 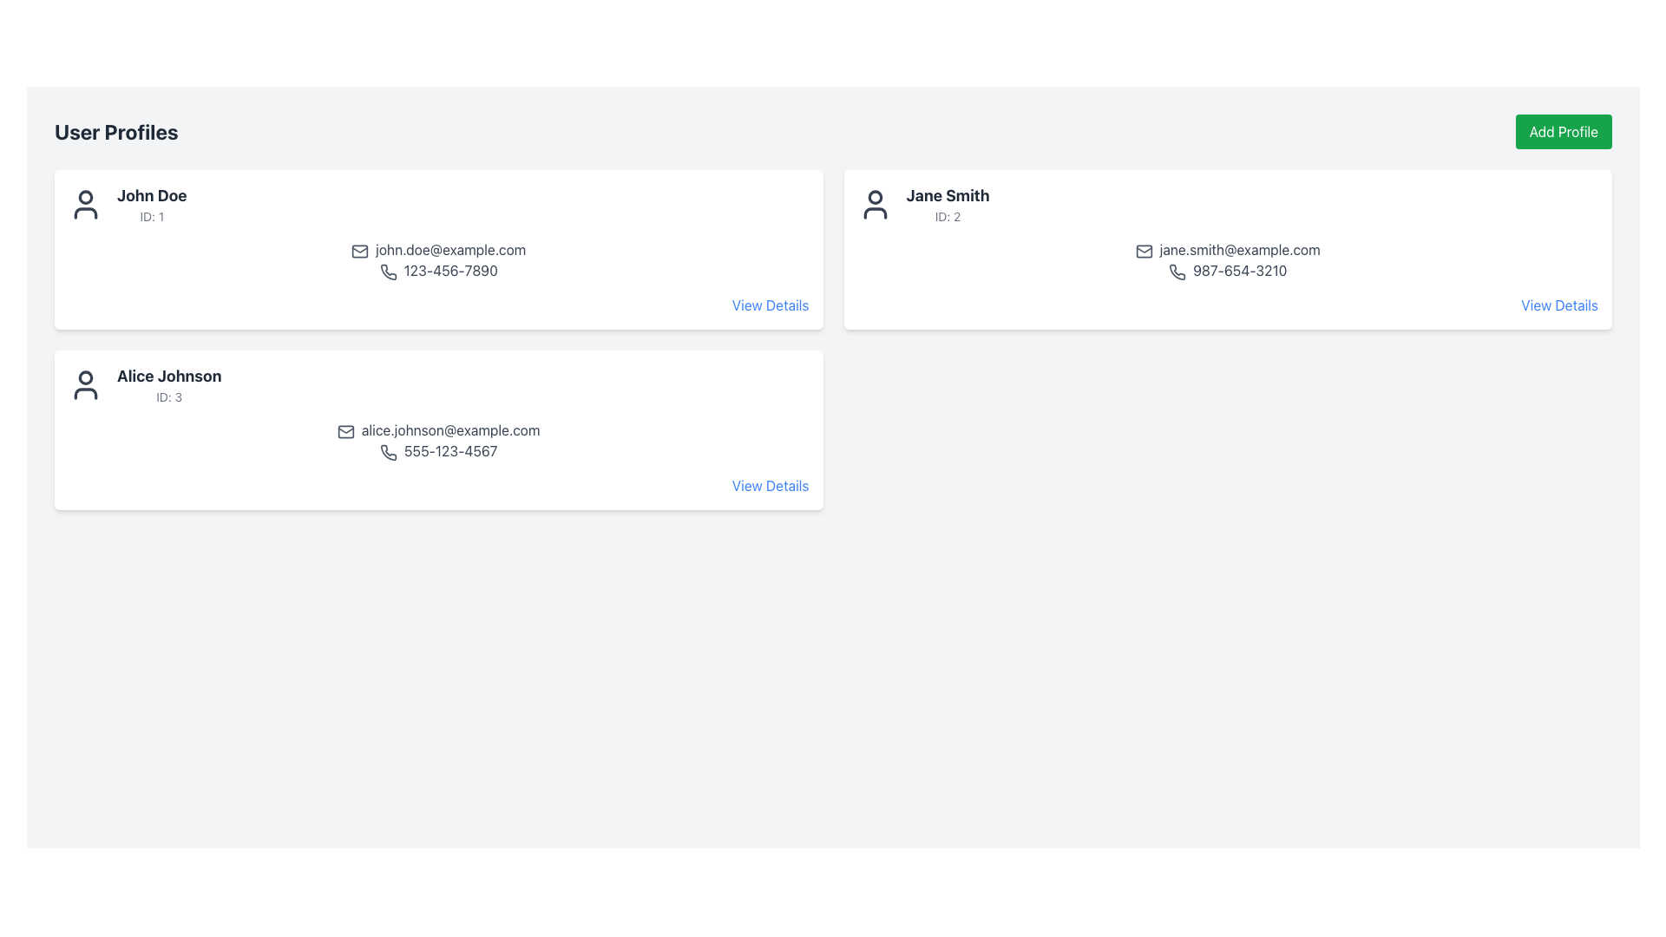 What do you see at coordinates (1227, 260) in the screenshot?
I see `contact details displayed in the second profile card on the right panel, located below the user's name and ID information but above the 'View Details' link` at bounding box center [1227, 260].